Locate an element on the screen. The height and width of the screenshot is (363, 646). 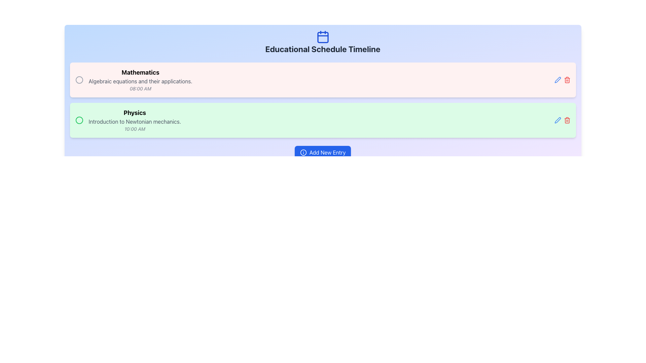
the edit icon button located in the green 'Physics' entry box, which is the first interactive icon in the top-right corner of the box is located at coordinates (558, 120).